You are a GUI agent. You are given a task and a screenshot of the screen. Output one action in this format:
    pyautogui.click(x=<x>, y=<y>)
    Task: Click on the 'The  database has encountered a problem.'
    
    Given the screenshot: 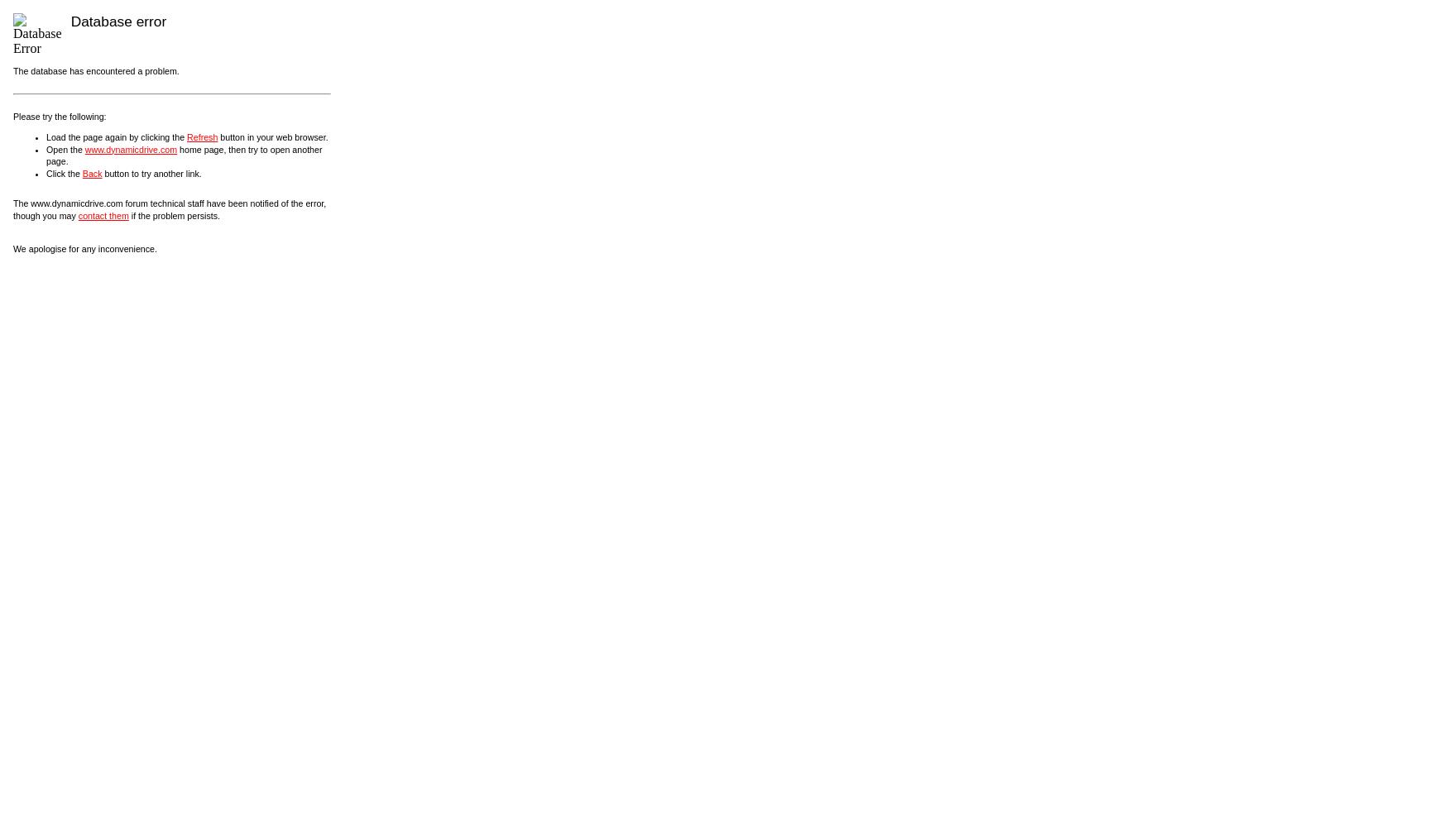 What is the action you would take?
    pyautogui.click(x=96, y=70)
    